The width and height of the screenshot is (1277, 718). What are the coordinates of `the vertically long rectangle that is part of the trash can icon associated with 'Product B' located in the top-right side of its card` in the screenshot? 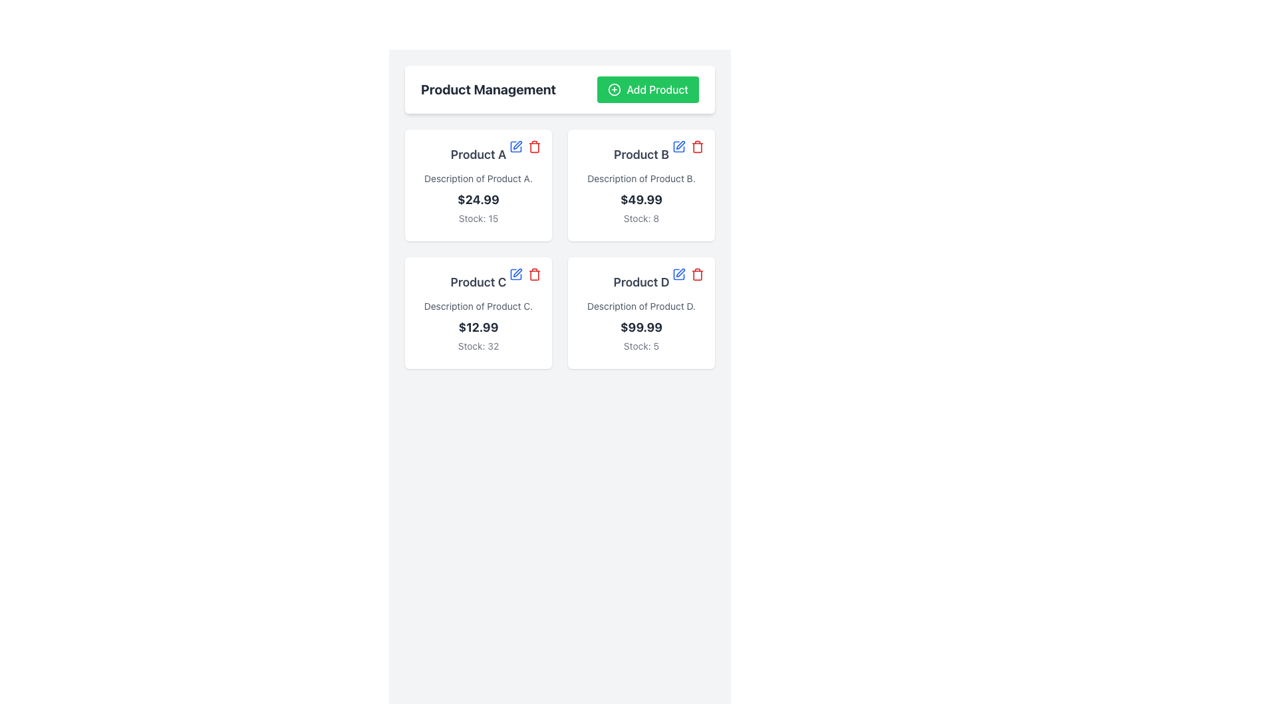 It's located at (697, 148).